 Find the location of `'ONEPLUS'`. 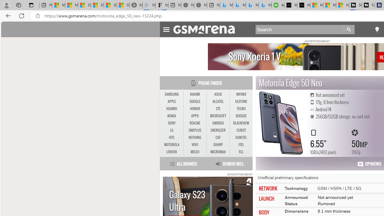

'ONEPLUS' is located at coordinates (195, 130).